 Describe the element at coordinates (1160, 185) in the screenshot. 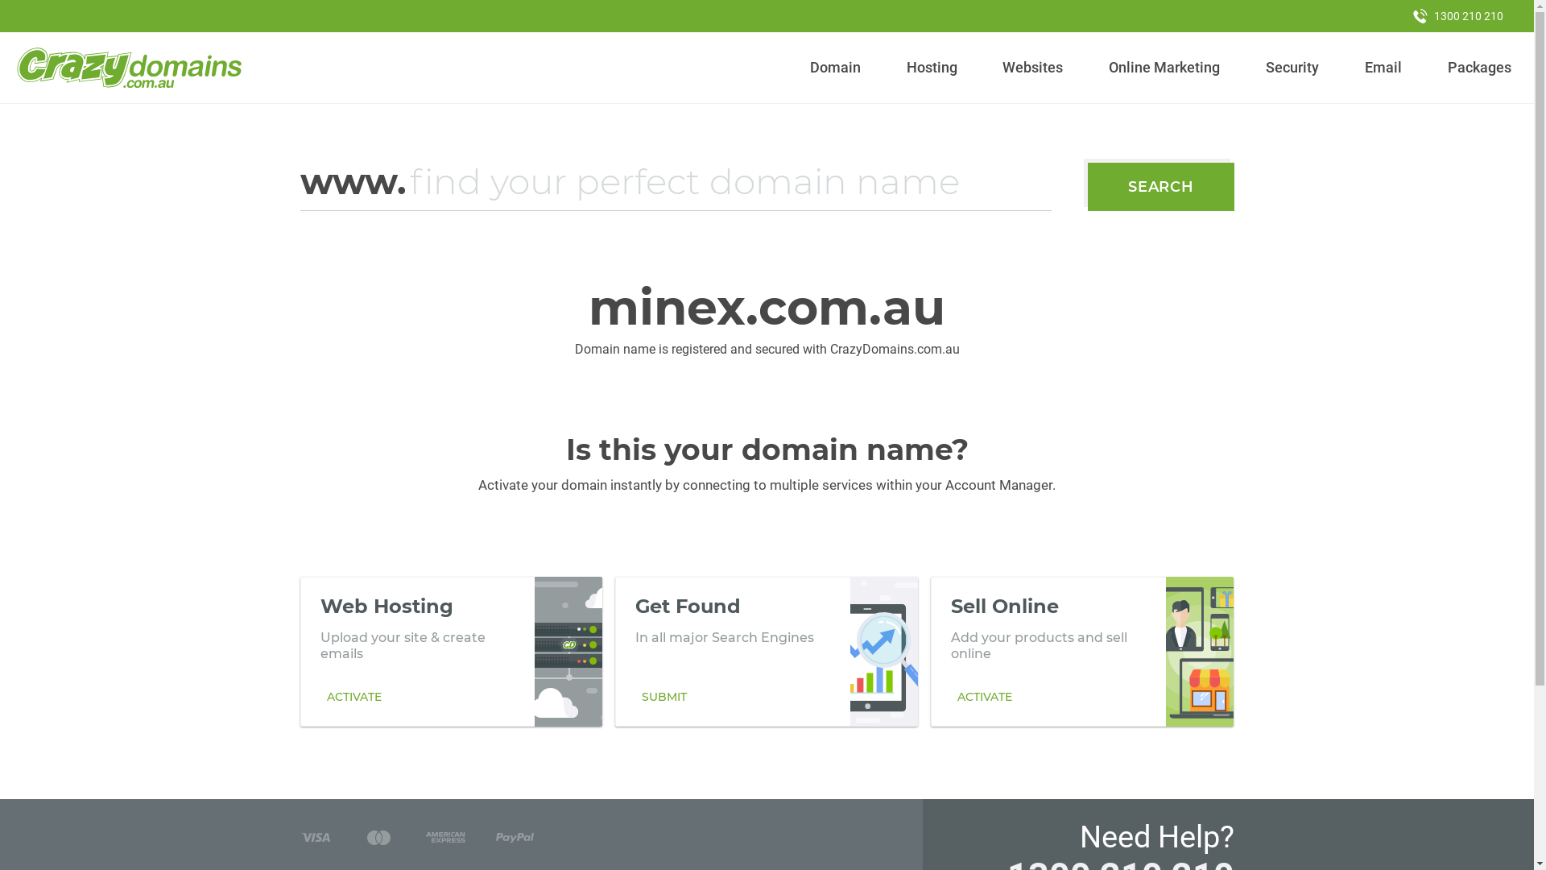

I see `'SEARCH'` at that location.